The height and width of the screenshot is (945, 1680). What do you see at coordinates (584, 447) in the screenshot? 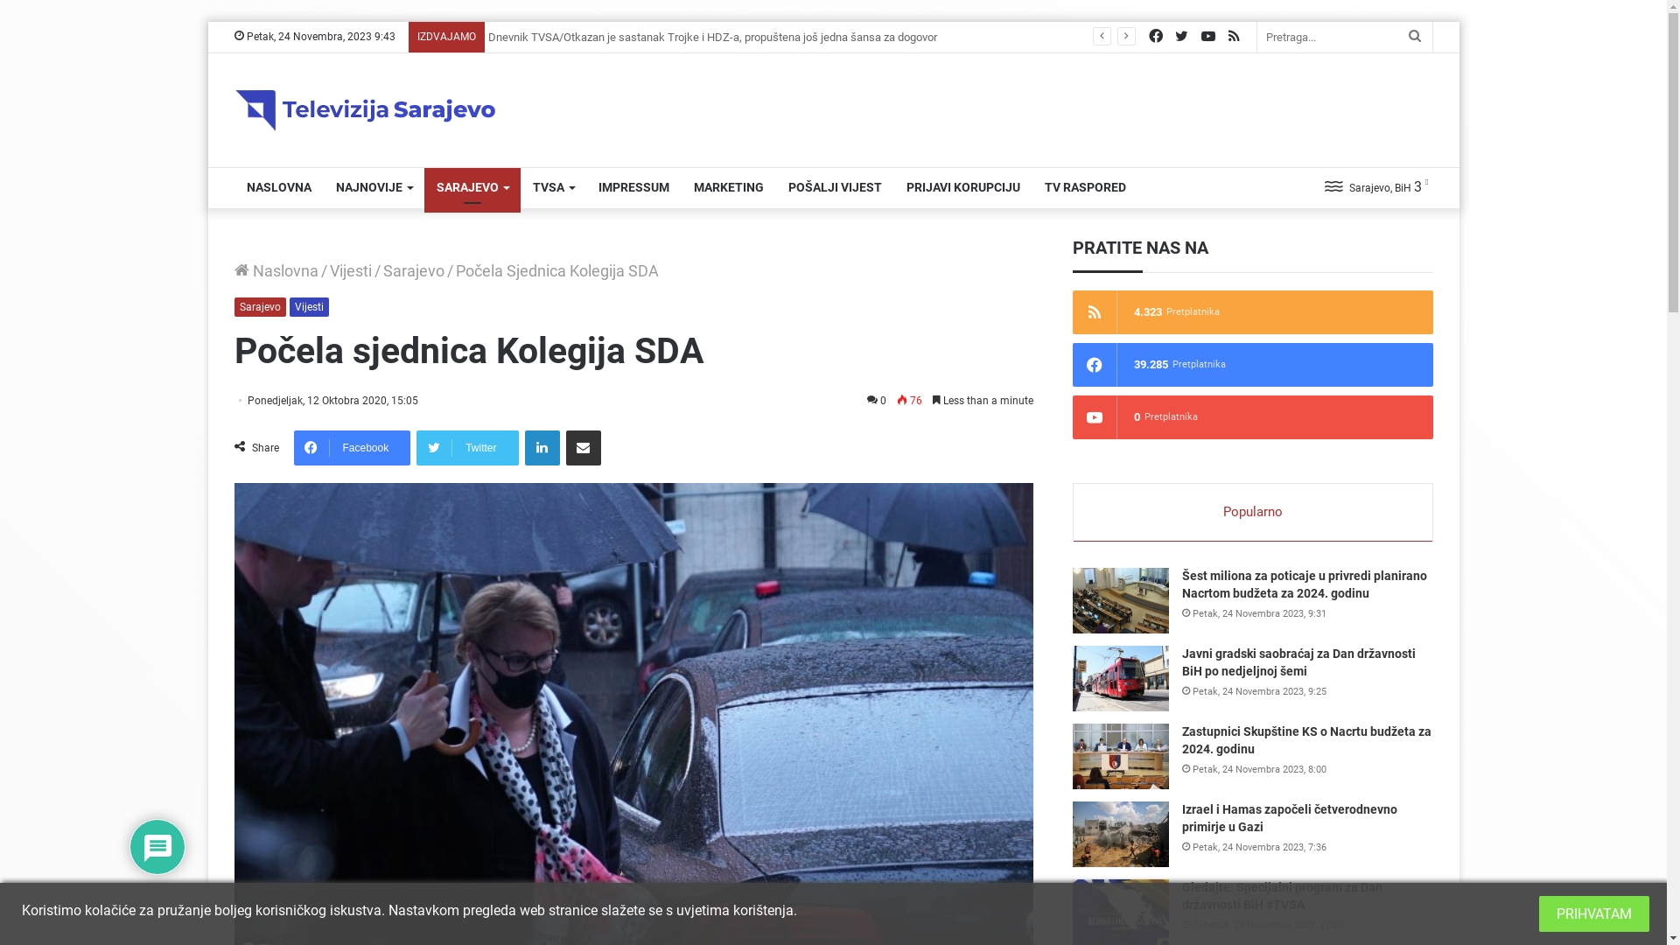
I see `'Share via Email'` at bounding box center [584, 447].